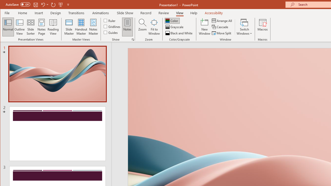 The image size is (331, 186). Describe the element at coordinates (81, 27) in the screenshot. I see `'Handout Master'` at that location.